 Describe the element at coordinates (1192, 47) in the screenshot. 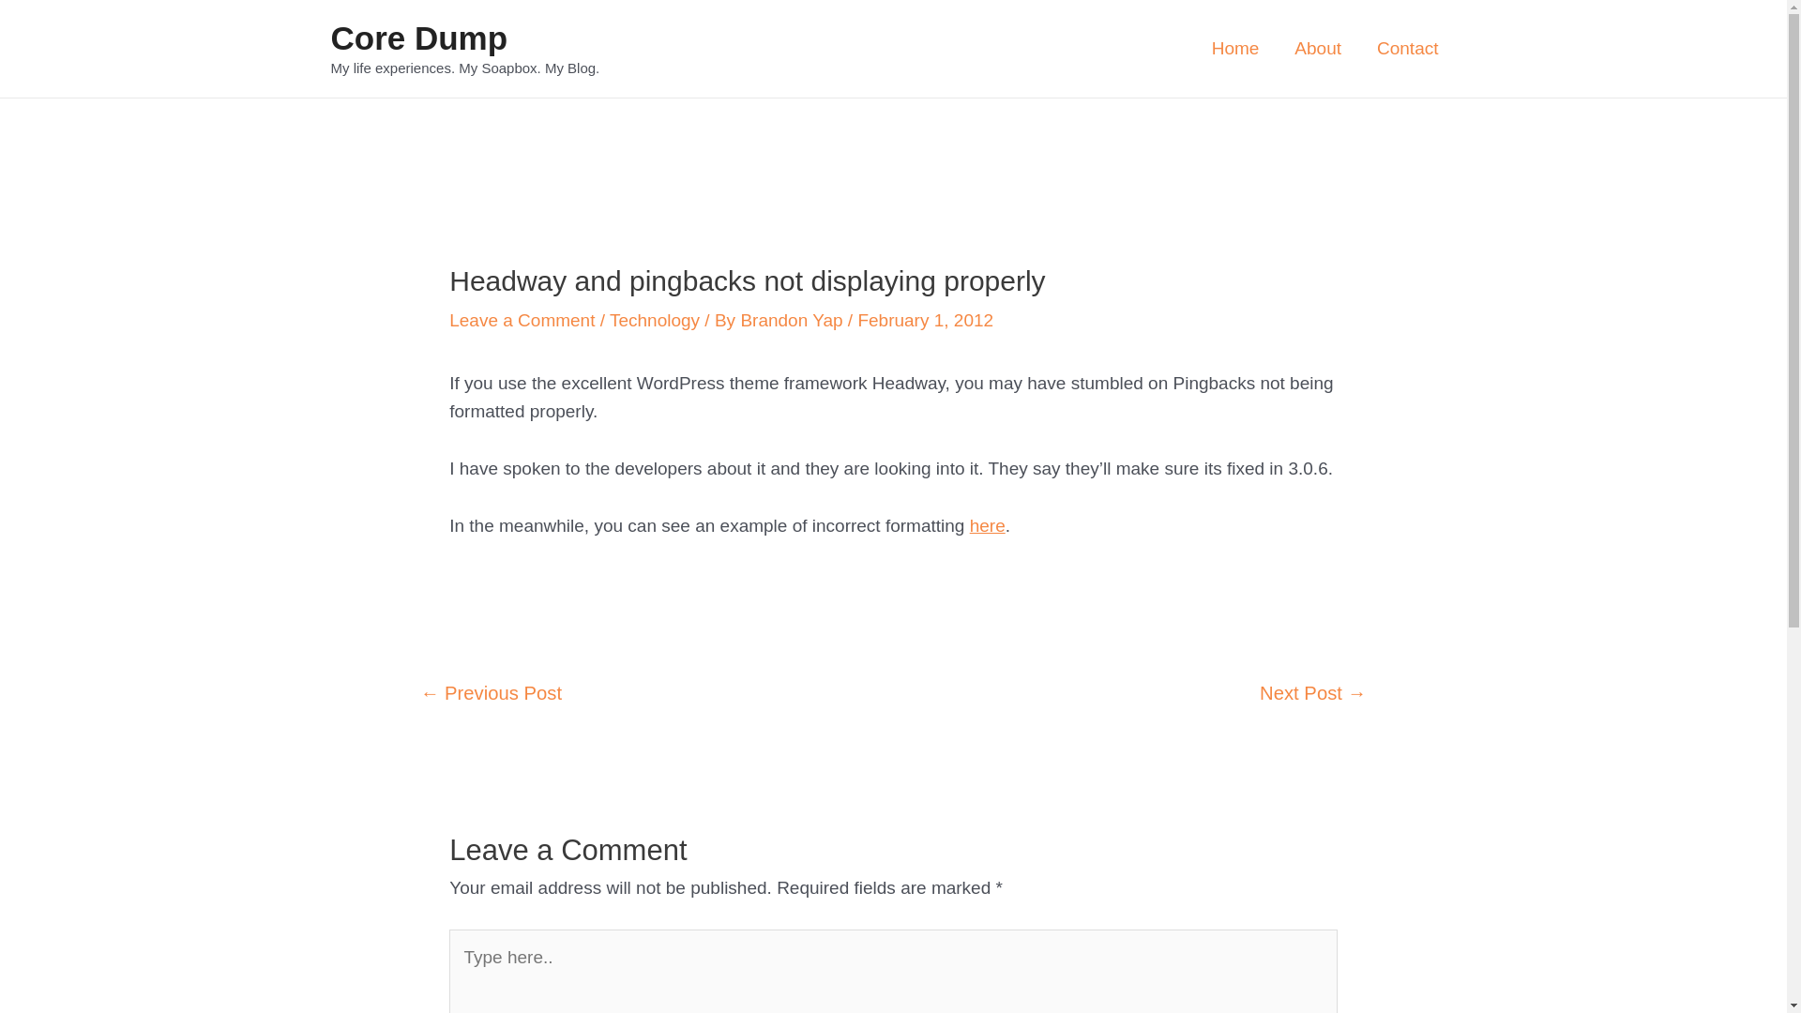

I see `'Home'` at that location.